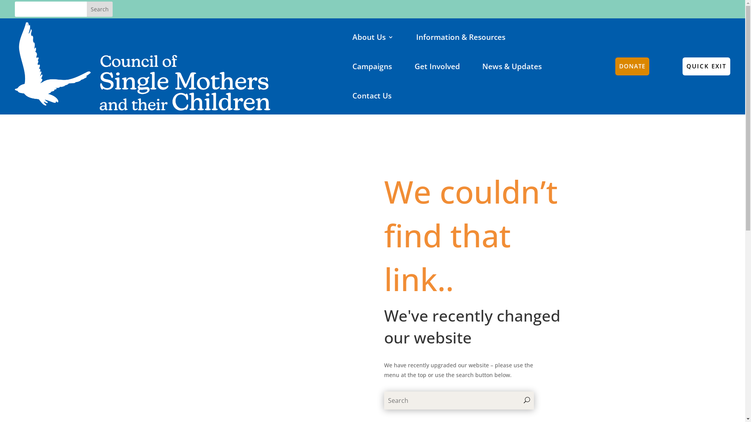  Describe the element at coordinates (371, 95) in the screenshot. I see `'Contact Us'` at that location.